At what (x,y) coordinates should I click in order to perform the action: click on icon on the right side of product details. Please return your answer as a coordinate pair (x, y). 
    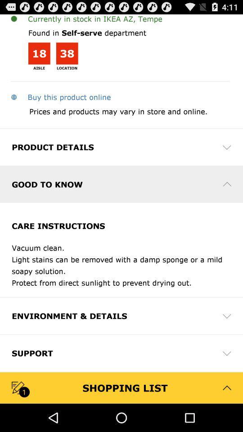
    Looking at the image, I should click on (226, 147).